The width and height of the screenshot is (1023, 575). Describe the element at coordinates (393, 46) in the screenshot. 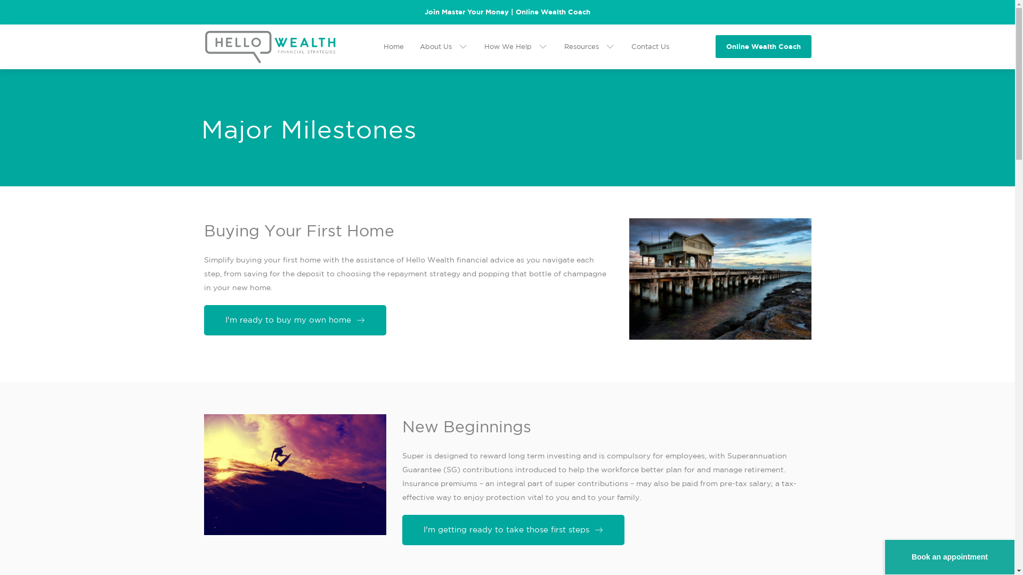

I see `'Home'` at that location.